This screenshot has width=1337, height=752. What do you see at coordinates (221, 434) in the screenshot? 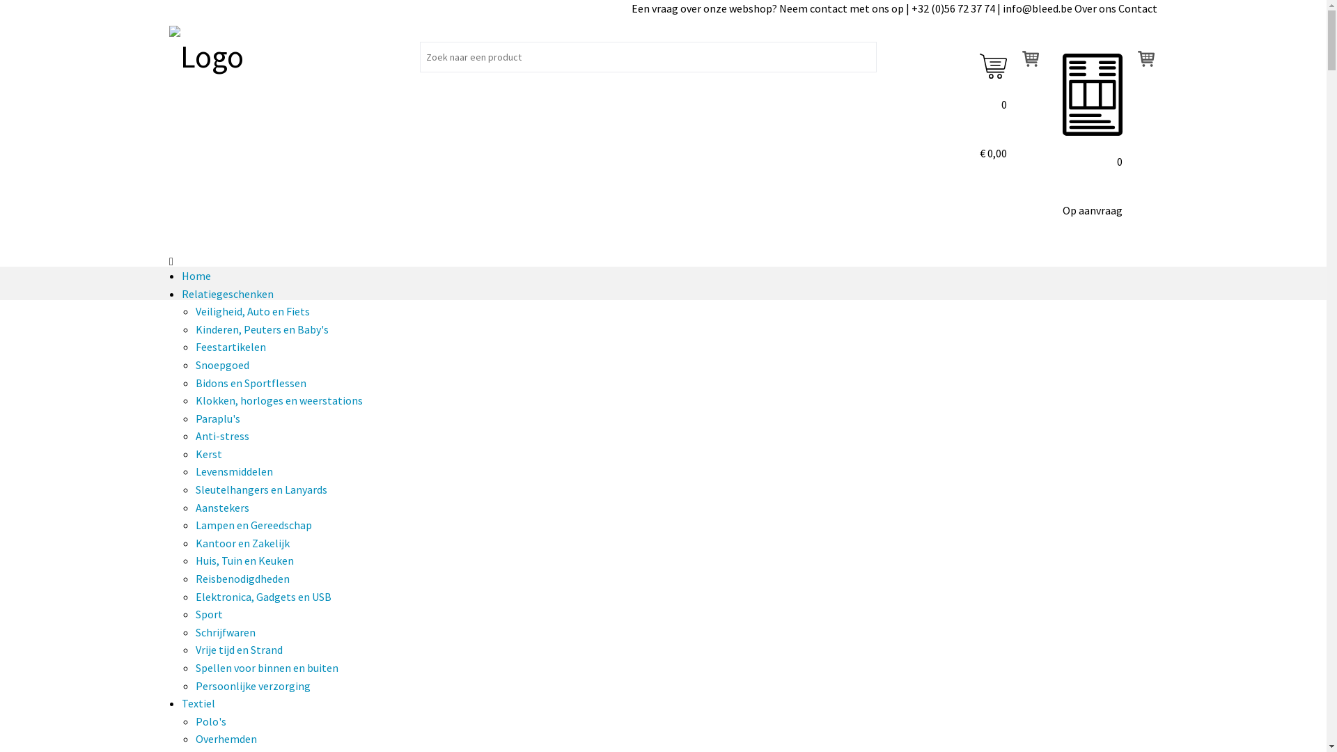
I see `'Anti-stress'` at bounding box center [221, 434].